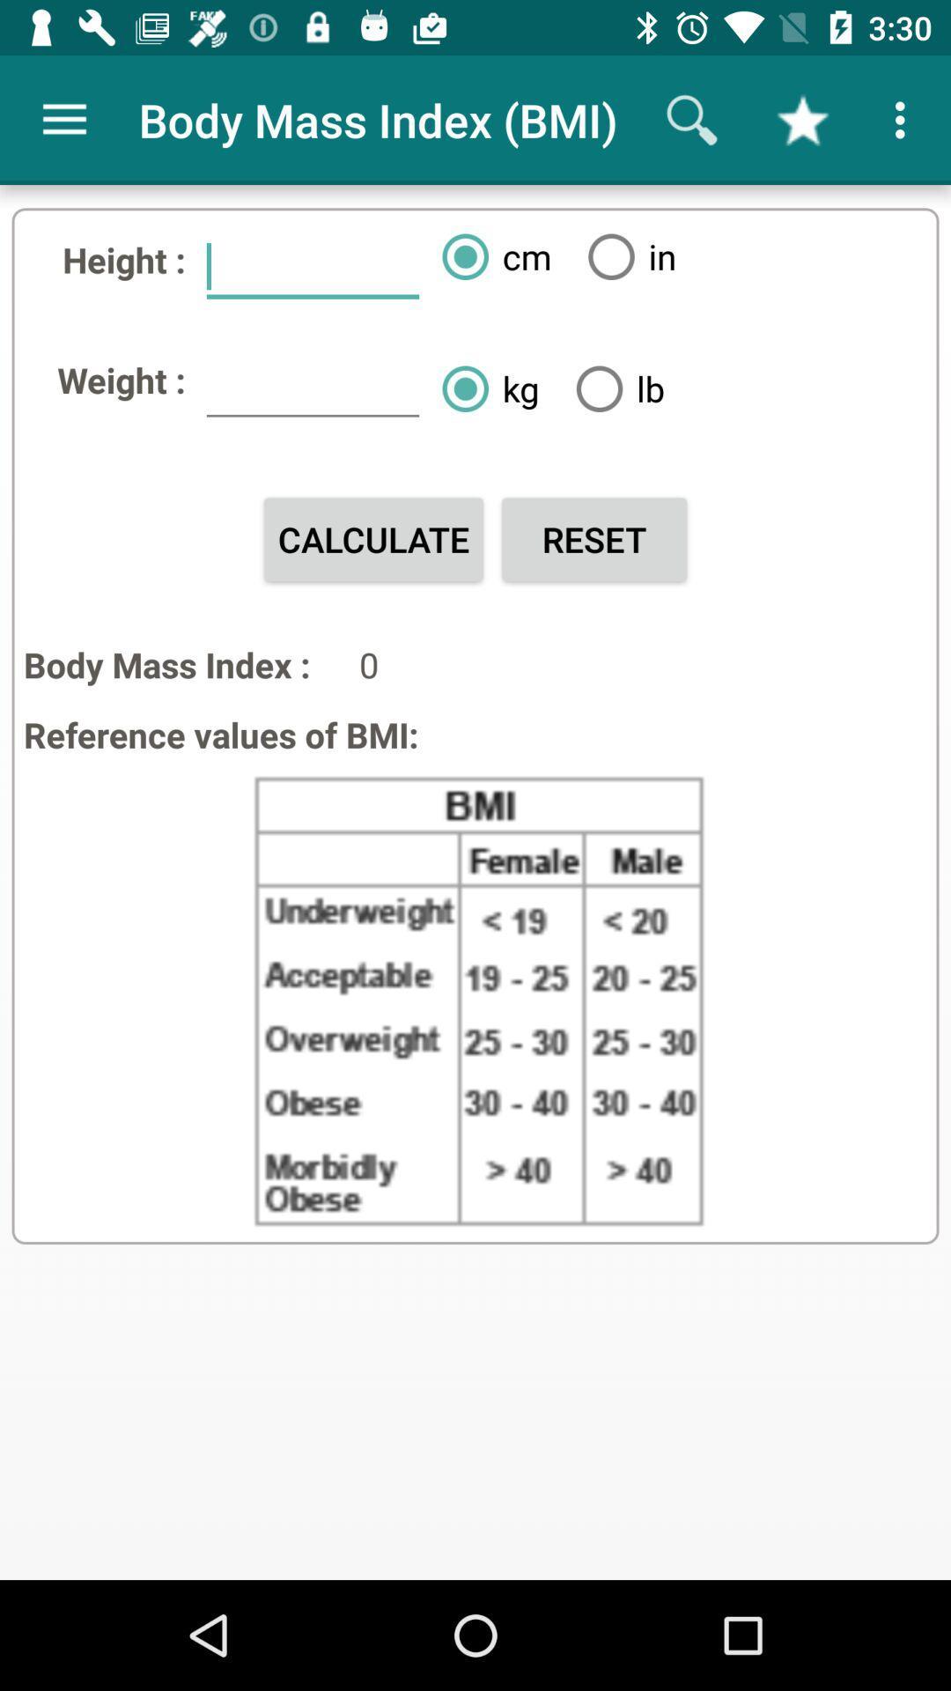 The image size is (951, 1691). What do you see at coordinates (613, 388) in the screenshot?
I see `the lb item` at bounding box center [613, 388].